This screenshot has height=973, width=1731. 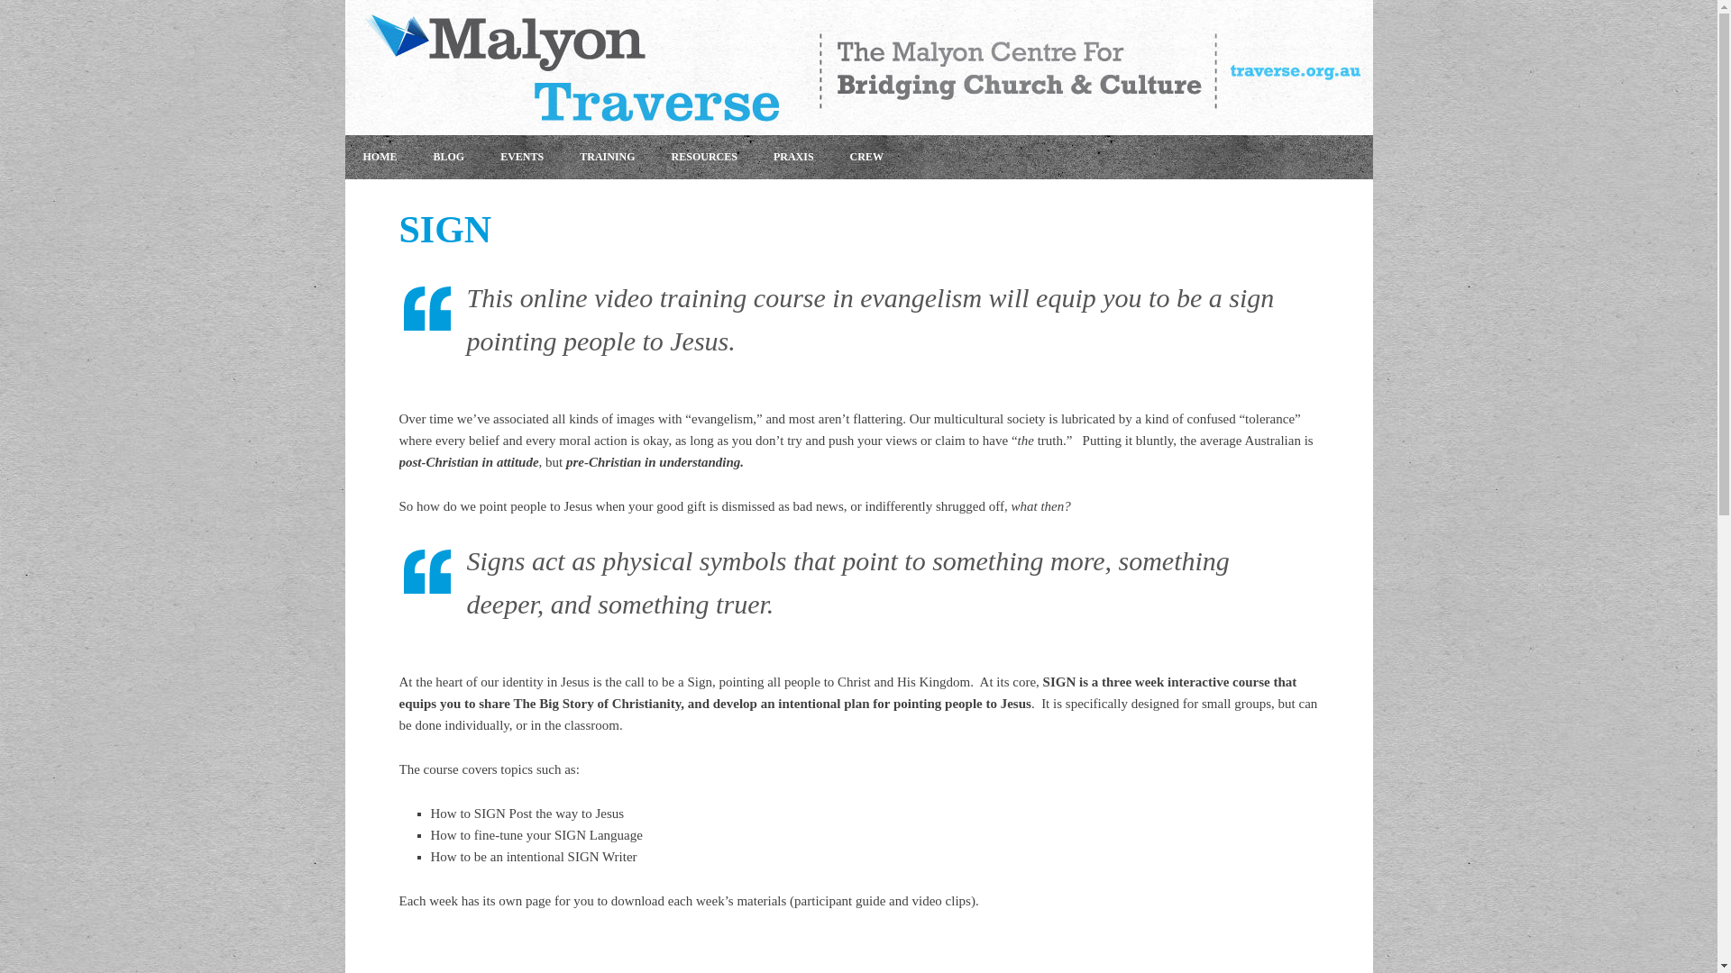 I want to click on 'HOME', so click(x=379, y=156).